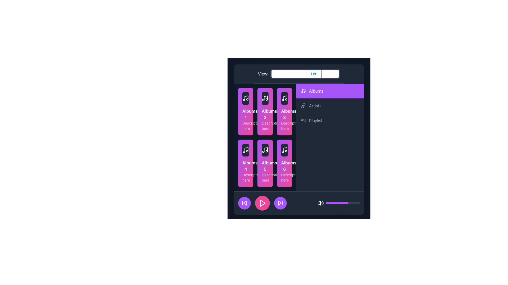  Describe the element at coordinates (335, 203) in the screenshot. I see `the volume level` at that location.